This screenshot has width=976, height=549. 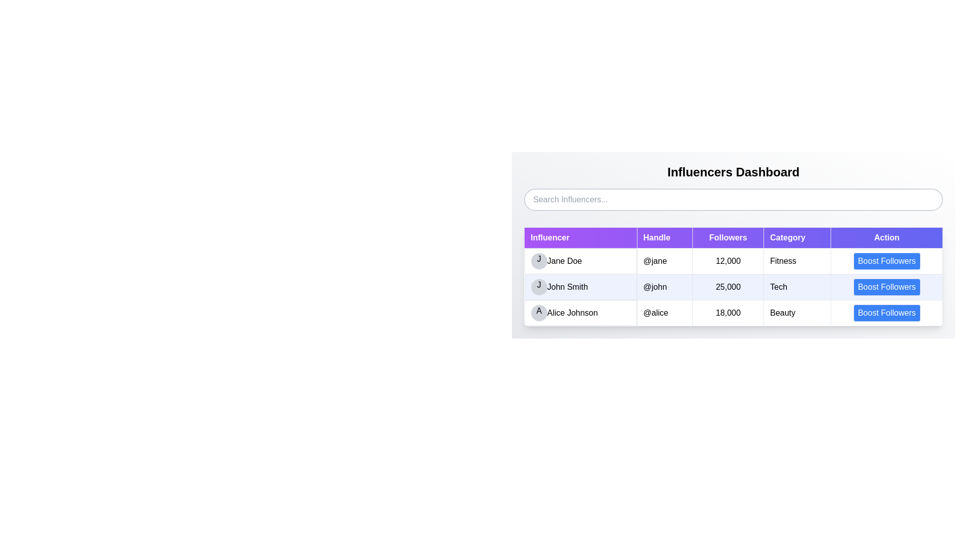 What do you see at coordinates (734, 260) in the screenshot?
I see `the first row of the influencer information table, which includes user details like 'Jane Doe', handle '@jane', followers '12,000', category 'Fitness', and the 'Boost Followers' button` at bounding box center [734, 260].